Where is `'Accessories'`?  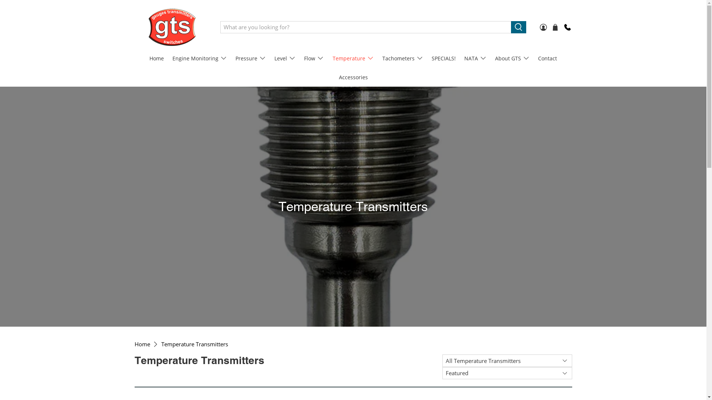
'Accessories' is located at coordinates (334, 77).